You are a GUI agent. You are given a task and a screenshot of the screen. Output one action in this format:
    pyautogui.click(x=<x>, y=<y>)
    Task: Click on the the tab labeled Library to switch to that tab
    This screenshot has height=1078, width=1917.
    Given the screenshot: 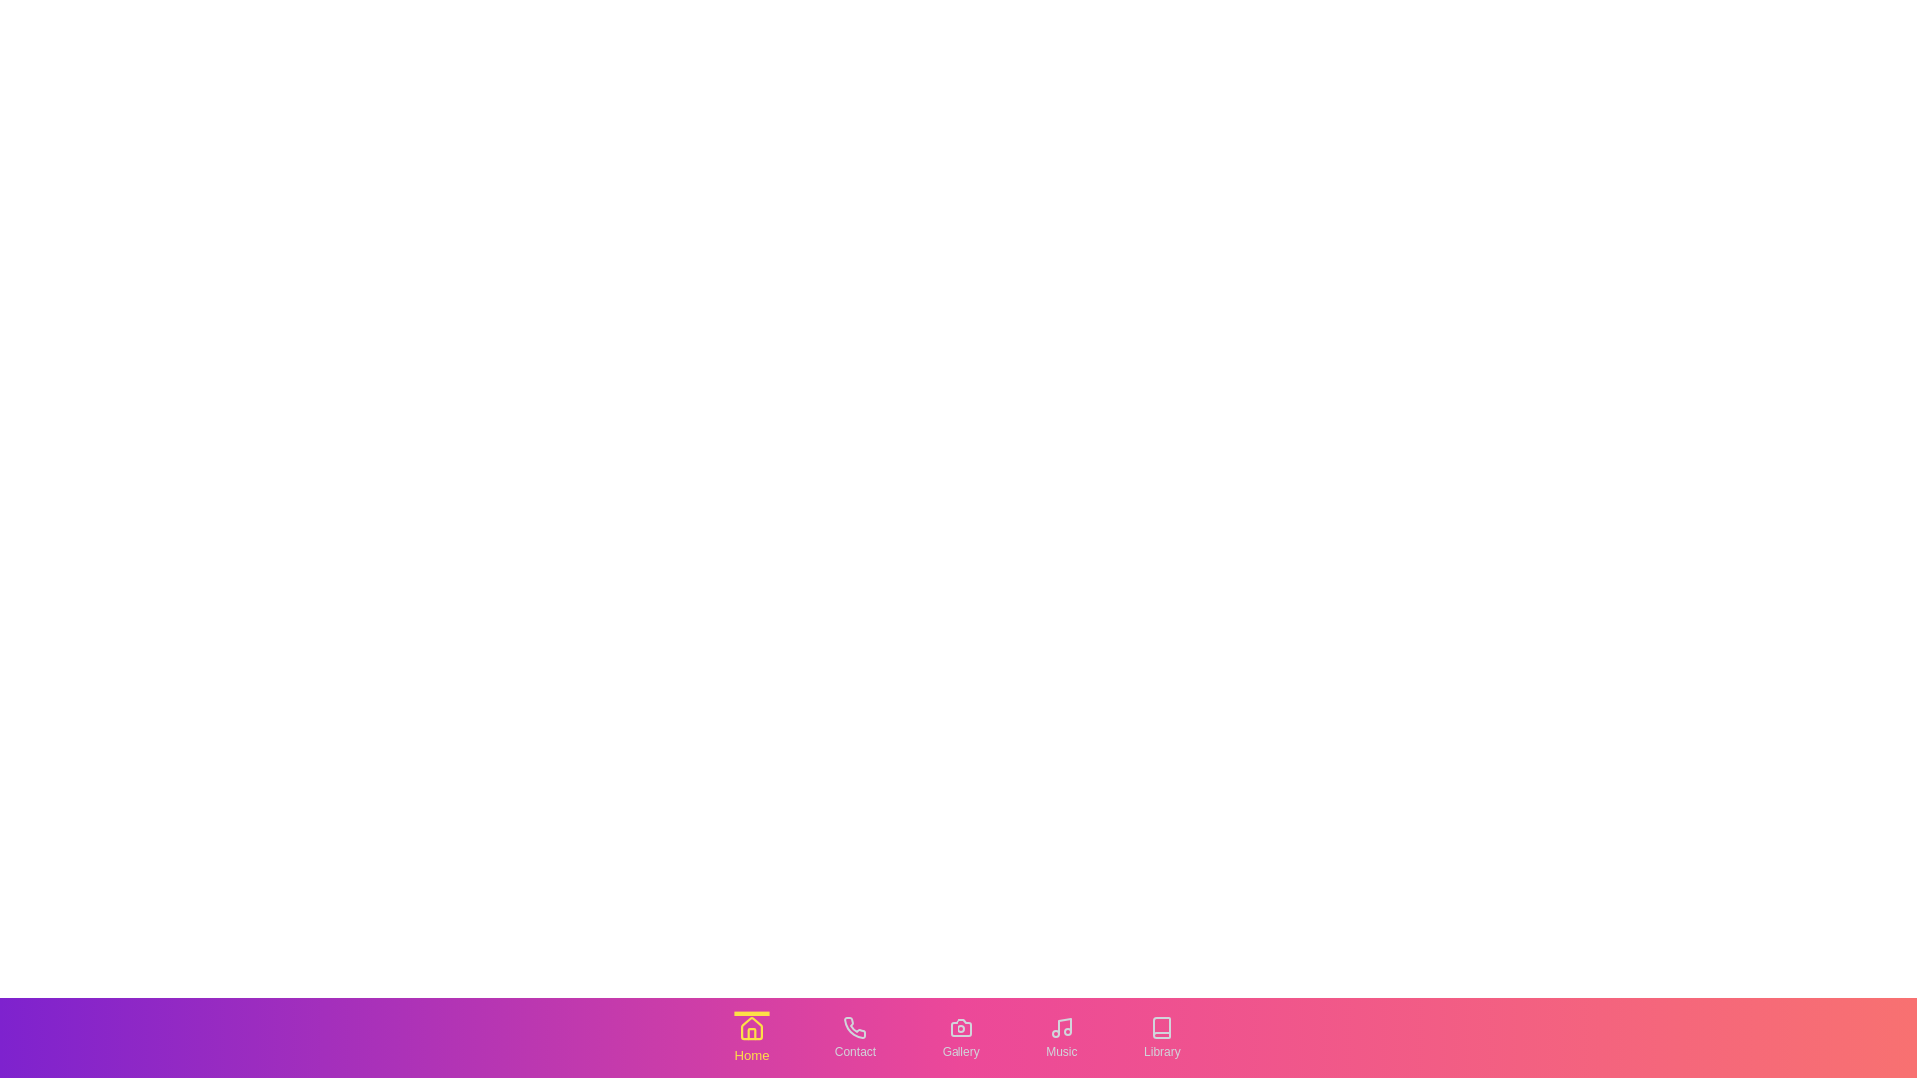 What is the action you would take?
    pyautogui.click(x=1162, y=1037)
    